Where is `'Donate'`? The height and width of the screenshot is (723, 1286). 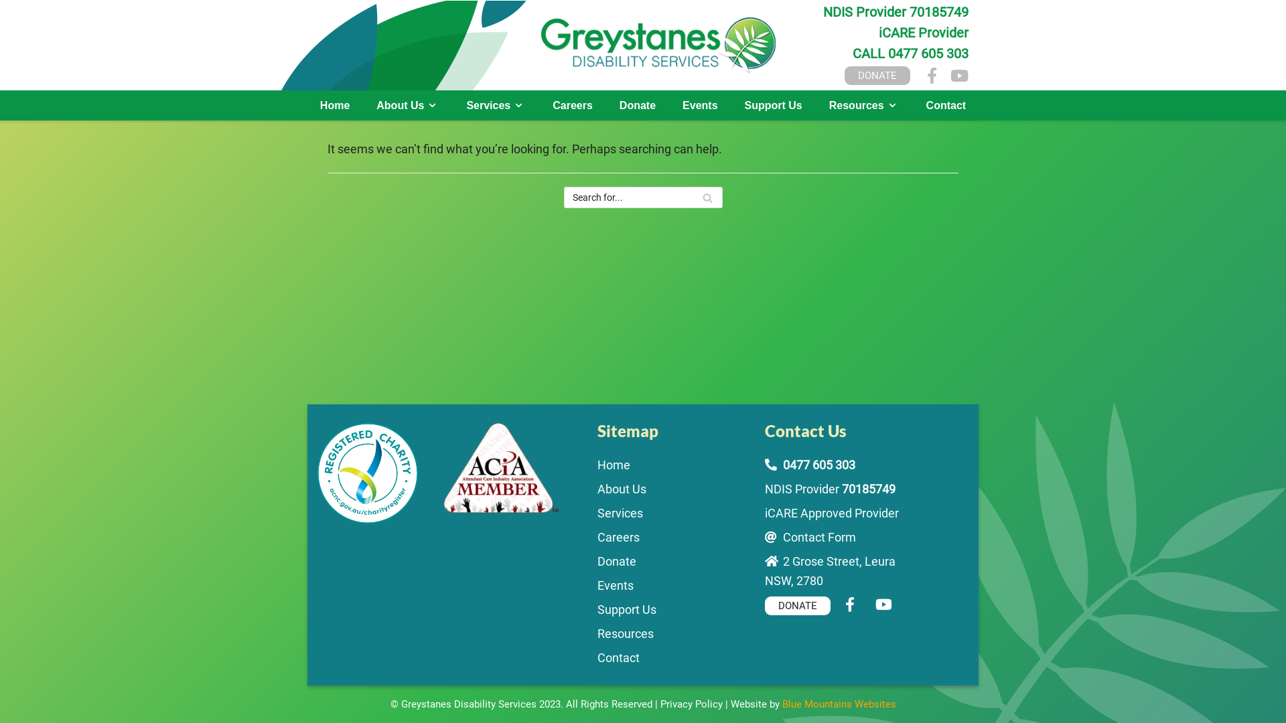 'Donate' is located at coordinates (636, 104).